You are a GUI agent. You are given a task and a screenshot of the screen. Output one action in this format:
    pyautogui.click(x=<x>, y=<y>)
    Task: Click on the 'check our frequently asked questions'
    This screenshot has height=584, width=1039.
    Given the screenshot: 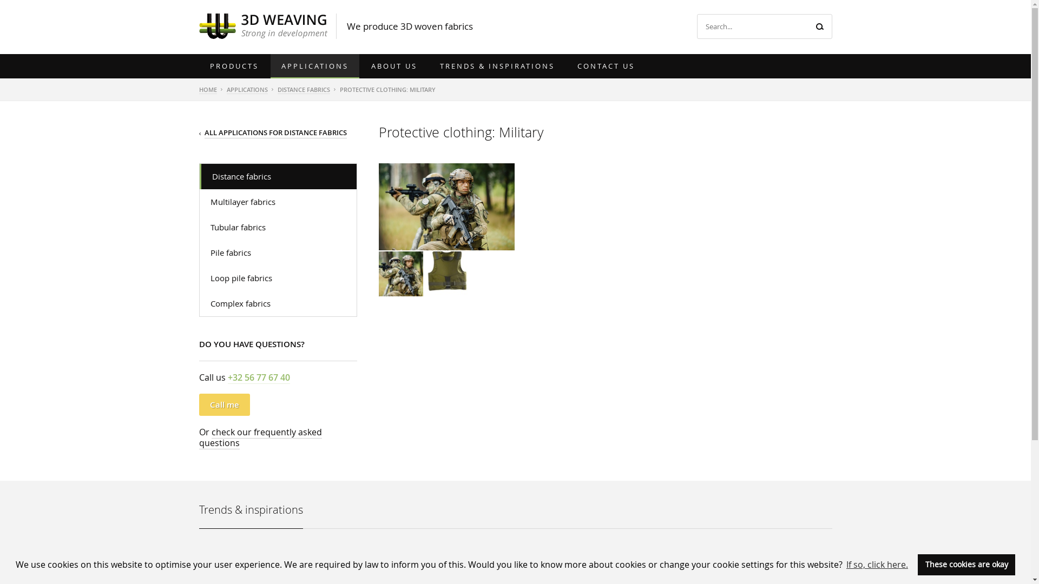 What is the action you would take?
    pyautogui.click(x=260, y=437)
    